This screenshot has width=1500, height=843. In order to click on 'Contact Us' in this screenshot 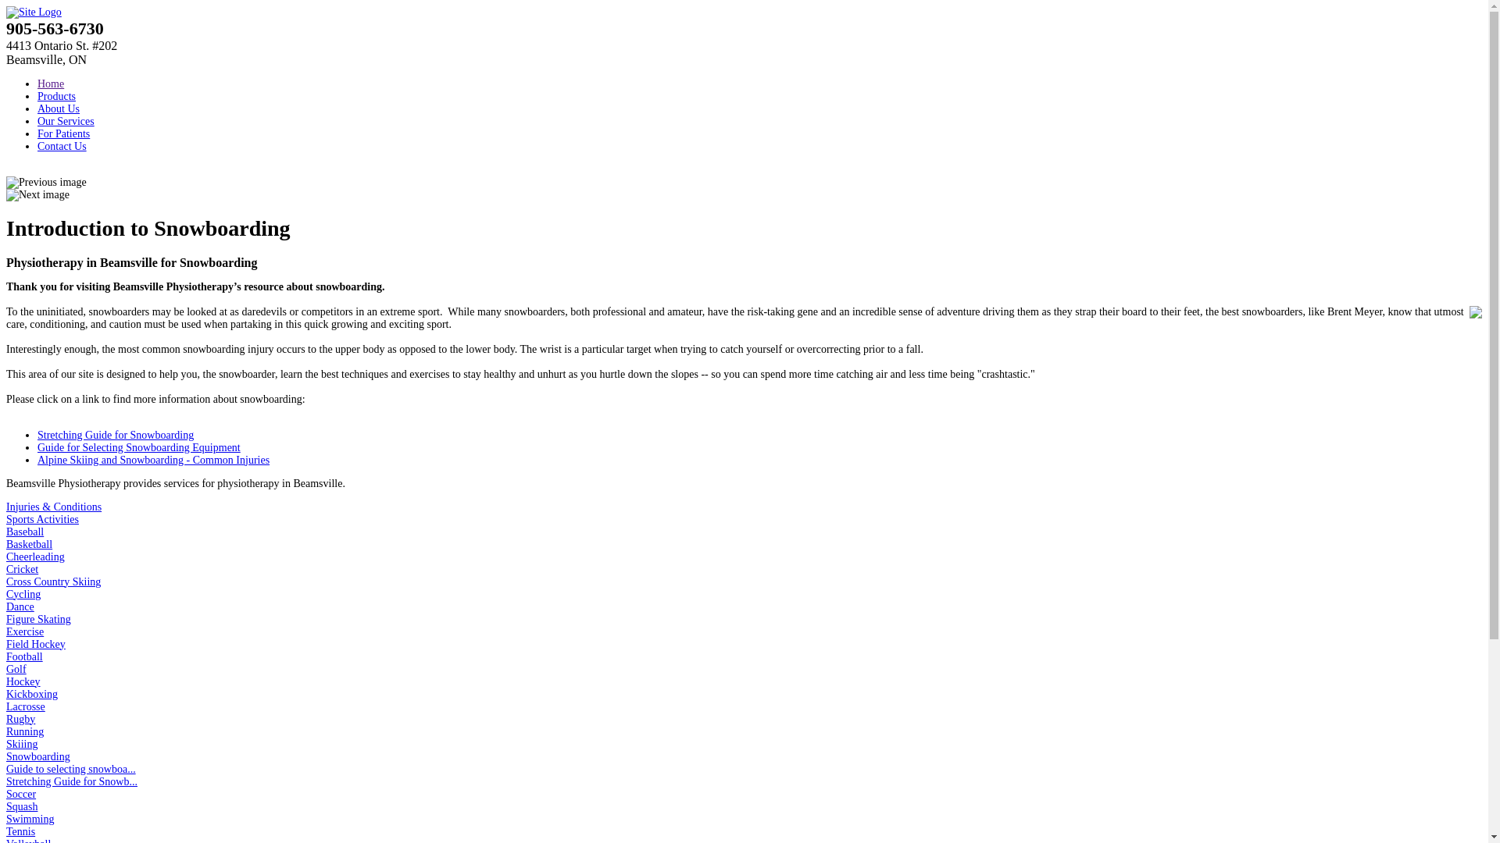, I will do `click(62, 146)`.